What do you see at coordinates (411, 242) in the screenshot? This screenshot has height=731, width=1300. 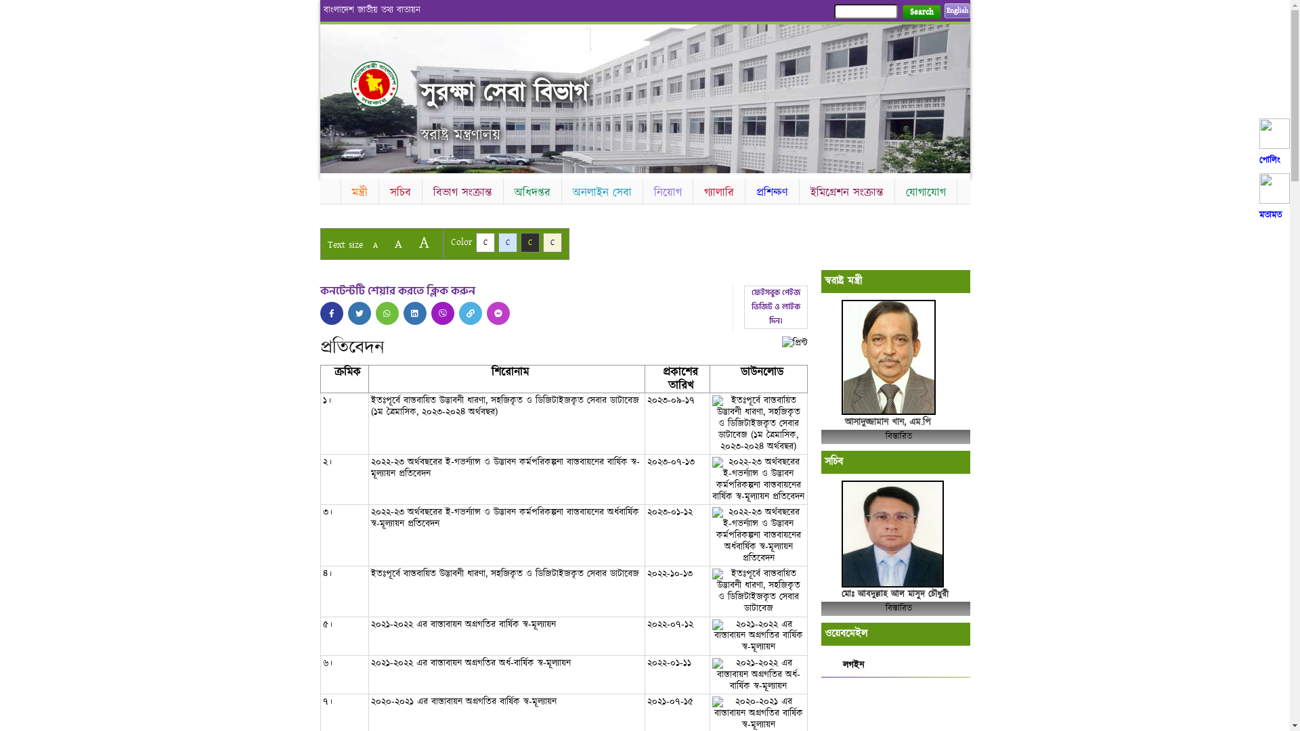 I see `'A'` at bounding box center [411, 242].